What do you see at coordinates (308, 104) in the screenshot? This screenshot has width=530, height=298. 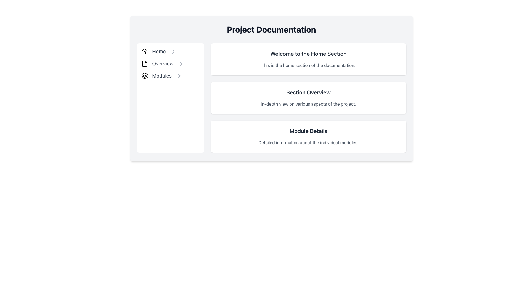 I see `the text label that reads 'In-depth view on various aspects of the project.' located below the header 'Section Overview.'` at bounding box center [308, 104].